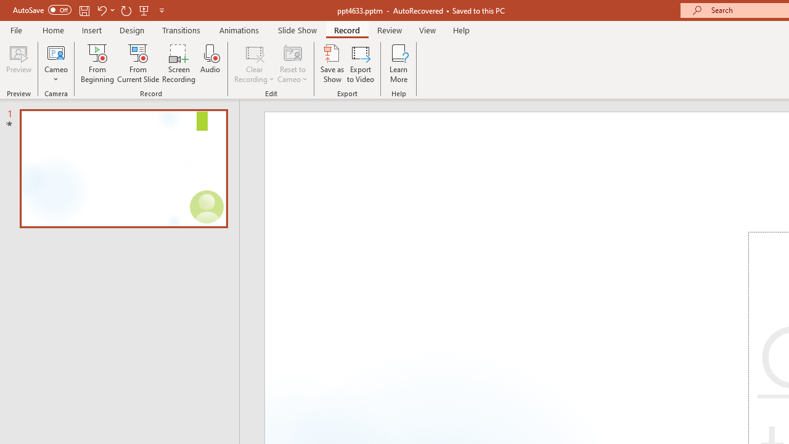  I want to click on 'Clear Recording', so click(253, 64).